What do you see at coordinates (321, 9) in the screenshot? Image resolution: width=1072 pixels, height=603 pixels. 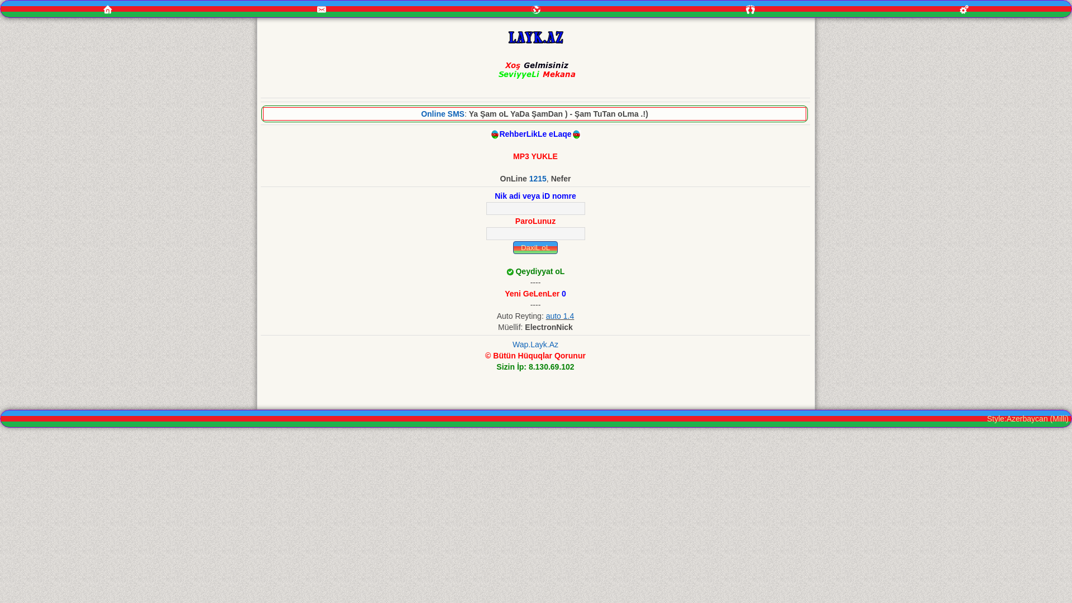 I see `'Mesajlar'` at bounding box center [321, 9].